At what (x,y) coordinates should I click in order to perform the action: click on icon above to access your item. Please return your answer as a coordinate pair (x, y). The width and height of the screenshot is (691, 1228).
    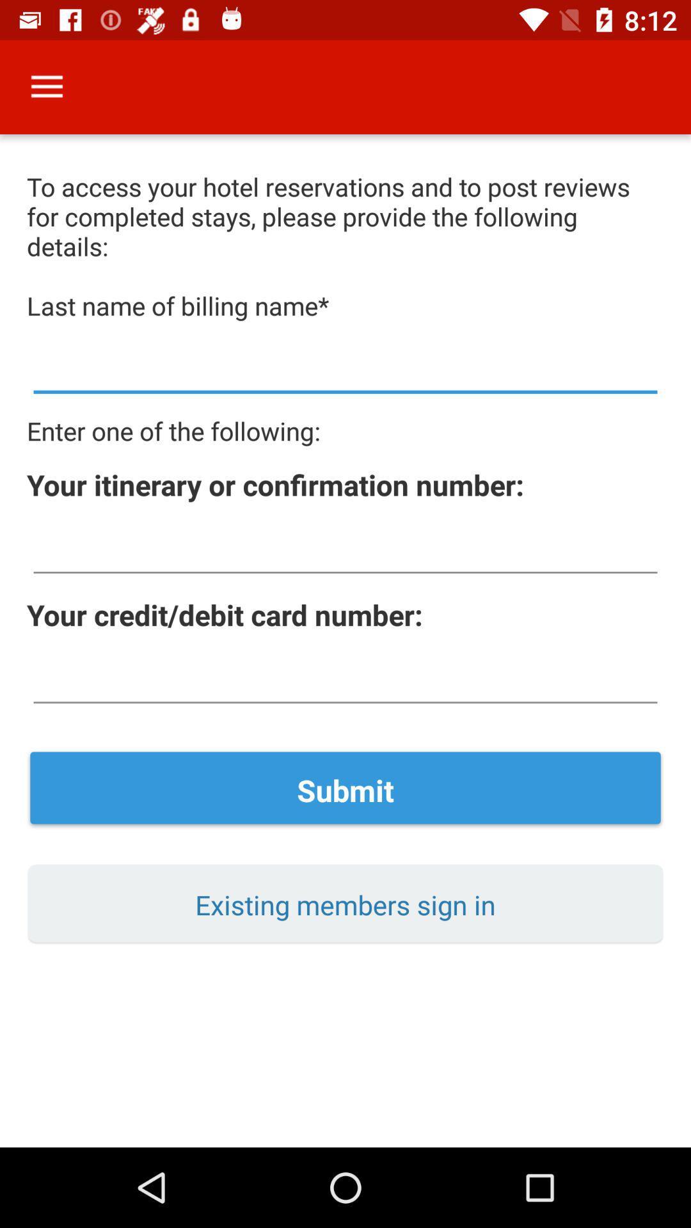
    Looking at the image, I should click on (46, 86).